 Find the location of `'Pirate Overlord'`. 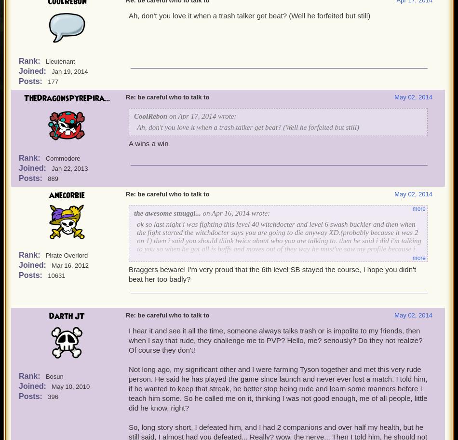

'Pirate Overlord' is located at coordinates (67, 255).